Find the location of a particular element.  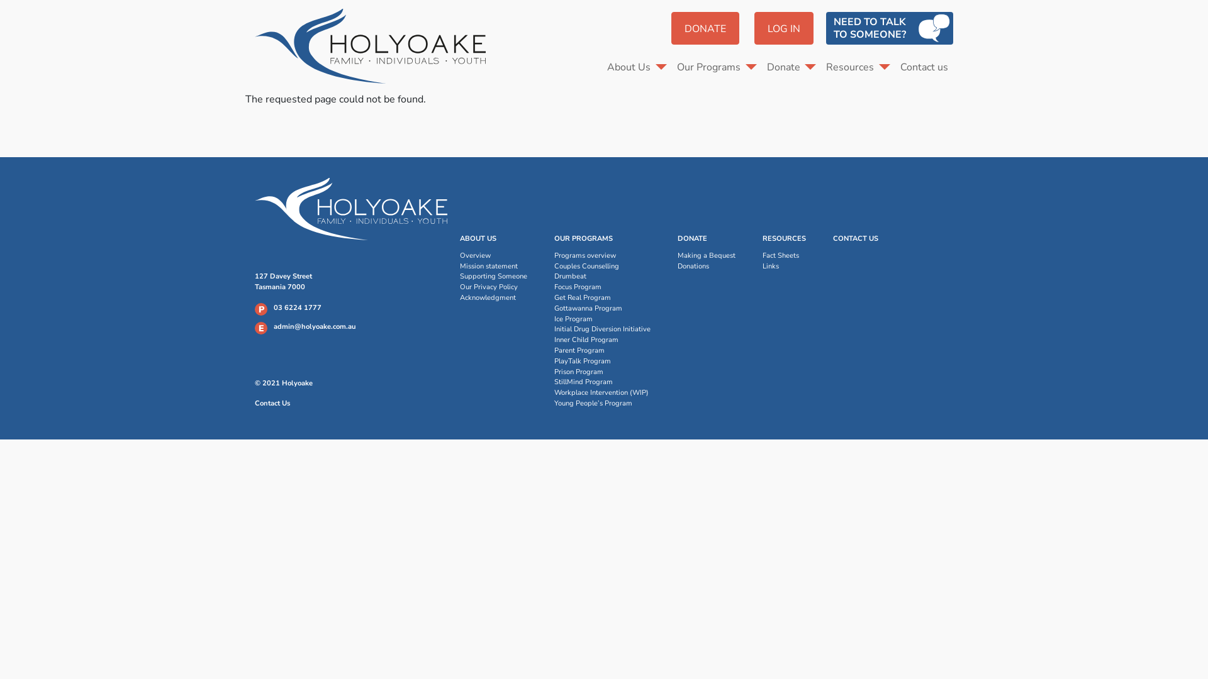

'Workplace Intervention (WIP)' is located at coordinates (601, 392).